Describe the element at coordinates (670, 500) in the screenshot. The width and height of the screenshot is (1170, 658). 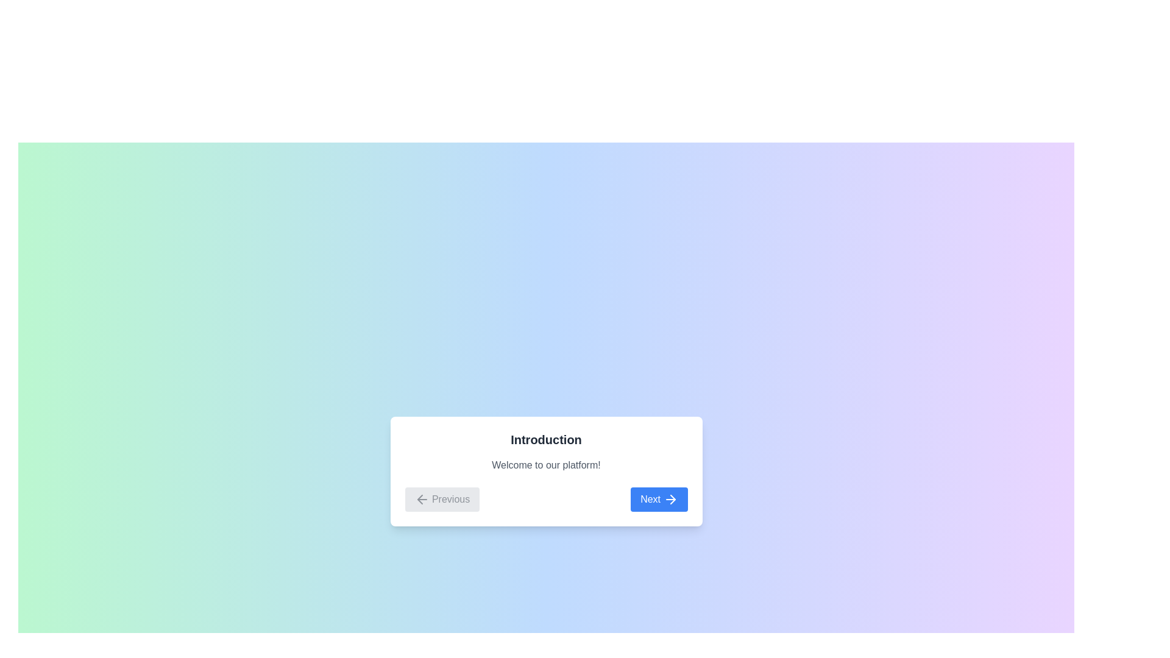
I see `the arrow icon located inside the 'Next' button at the bottom-right part of the white card` at that location.